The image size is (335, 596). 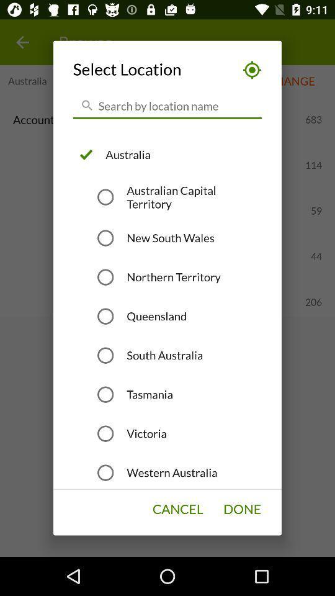 What do you see at coordinates (164, 355) in the screenshot?
I see `the icon above tasmania` at bounding box center [164, 355].